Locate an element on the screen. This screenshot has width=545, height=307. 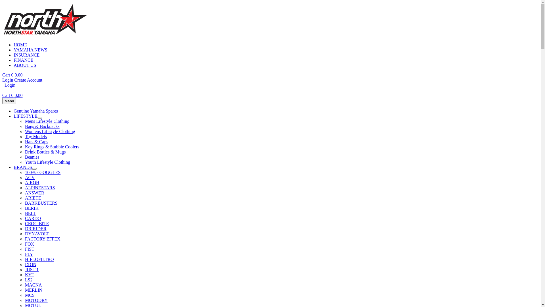
'IXON' is located at coordinates (30, 264).